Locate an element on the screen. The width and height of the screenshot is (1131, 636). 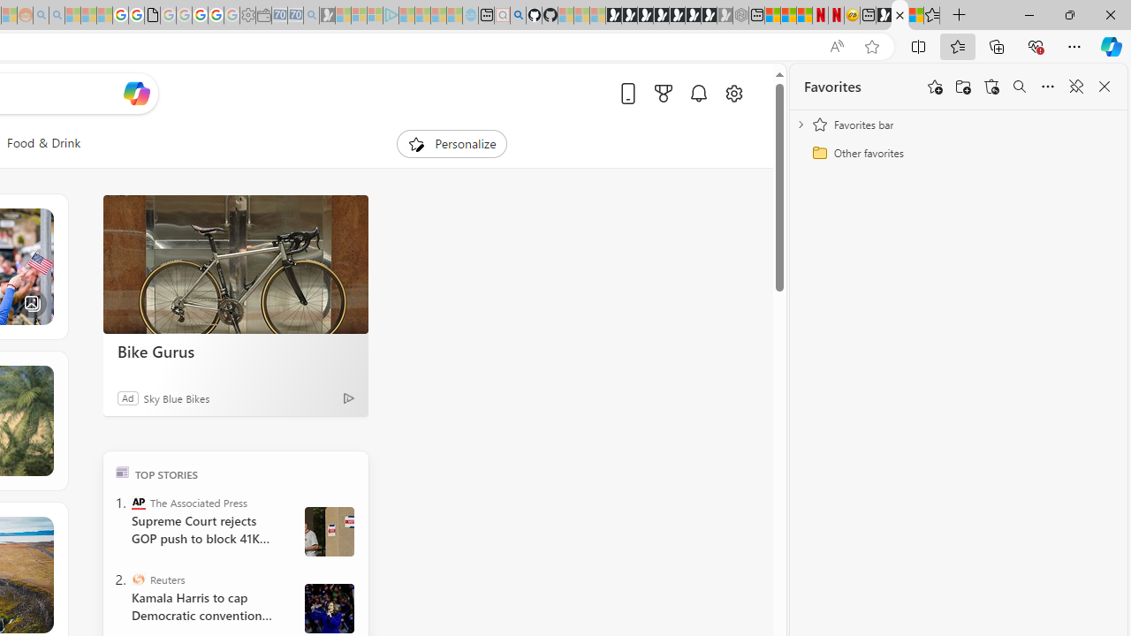
'github - Search' is located at coordinates (517, 15).